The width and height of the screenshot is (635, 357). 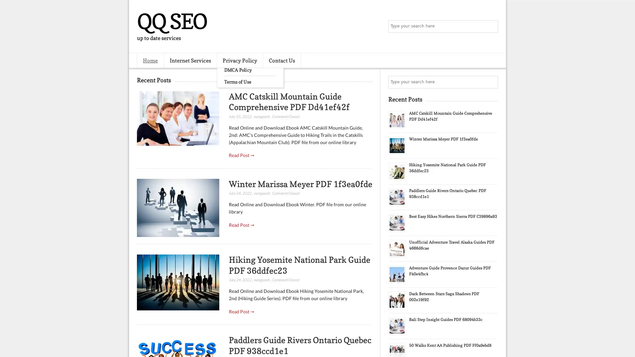 I want to click on Search, so click(x=491, y=26).